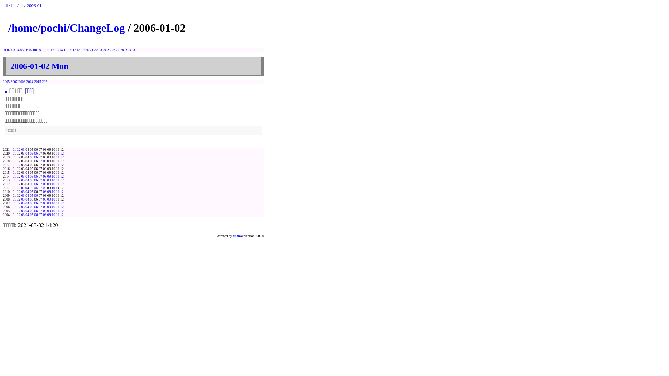 Image resolution: width=669 pixels, height=376 pixels. I want to click on '07', so click(30, 49).